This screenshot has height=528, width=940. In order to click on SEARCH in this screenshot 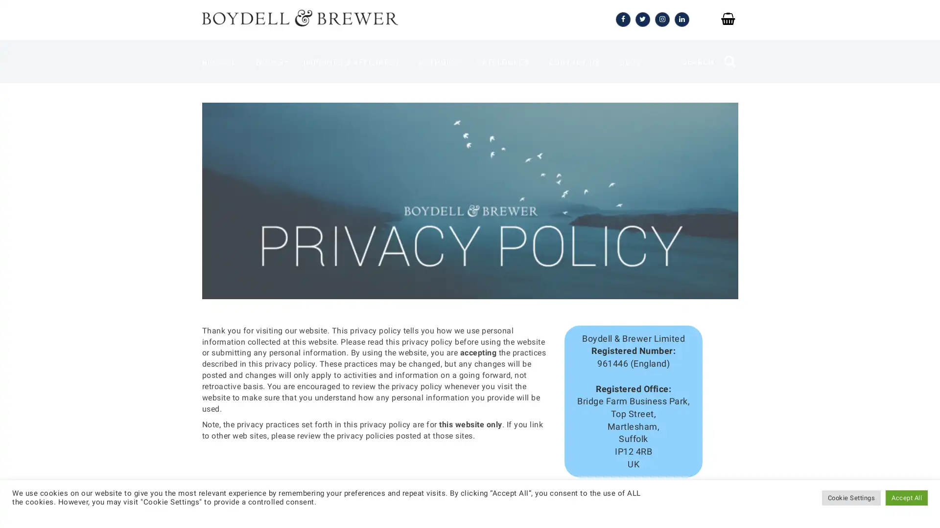, I will do `click(709, 54)`.